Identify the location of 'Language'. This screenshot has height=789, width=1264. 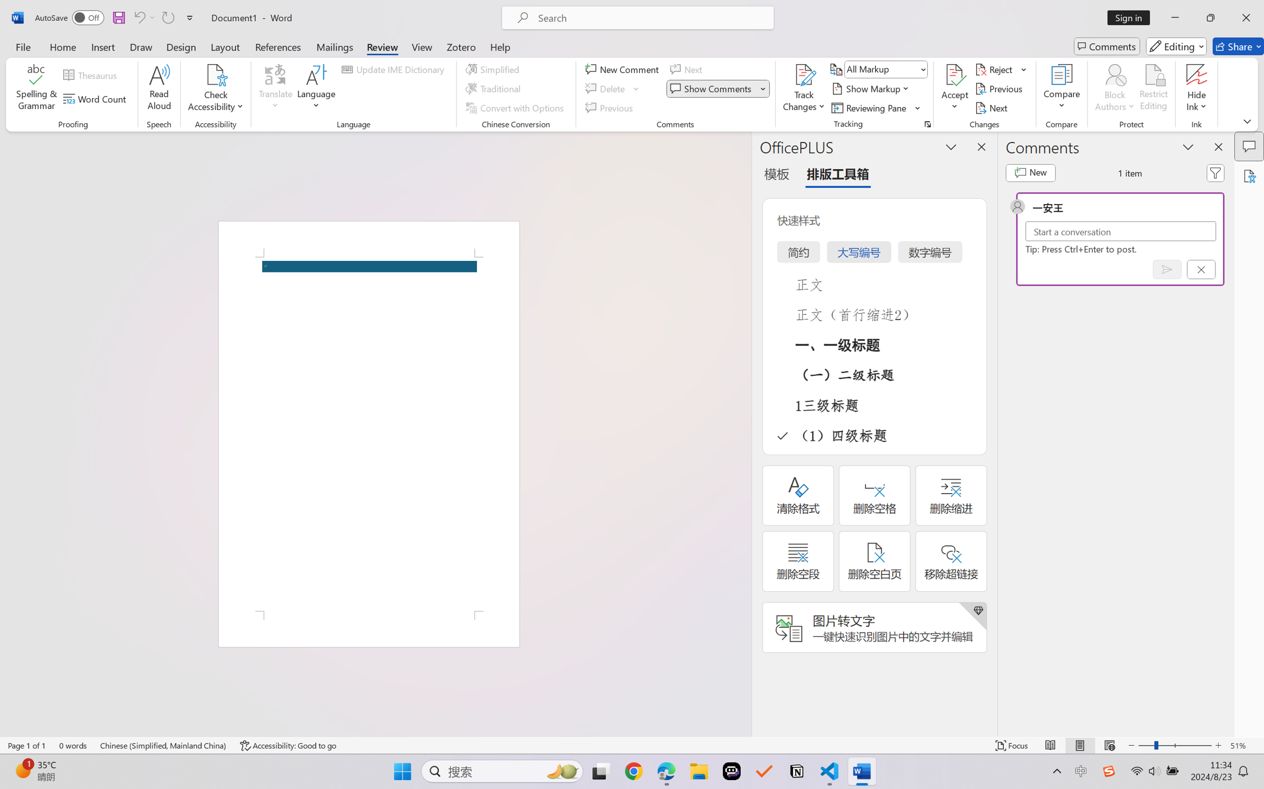
(316, 89).